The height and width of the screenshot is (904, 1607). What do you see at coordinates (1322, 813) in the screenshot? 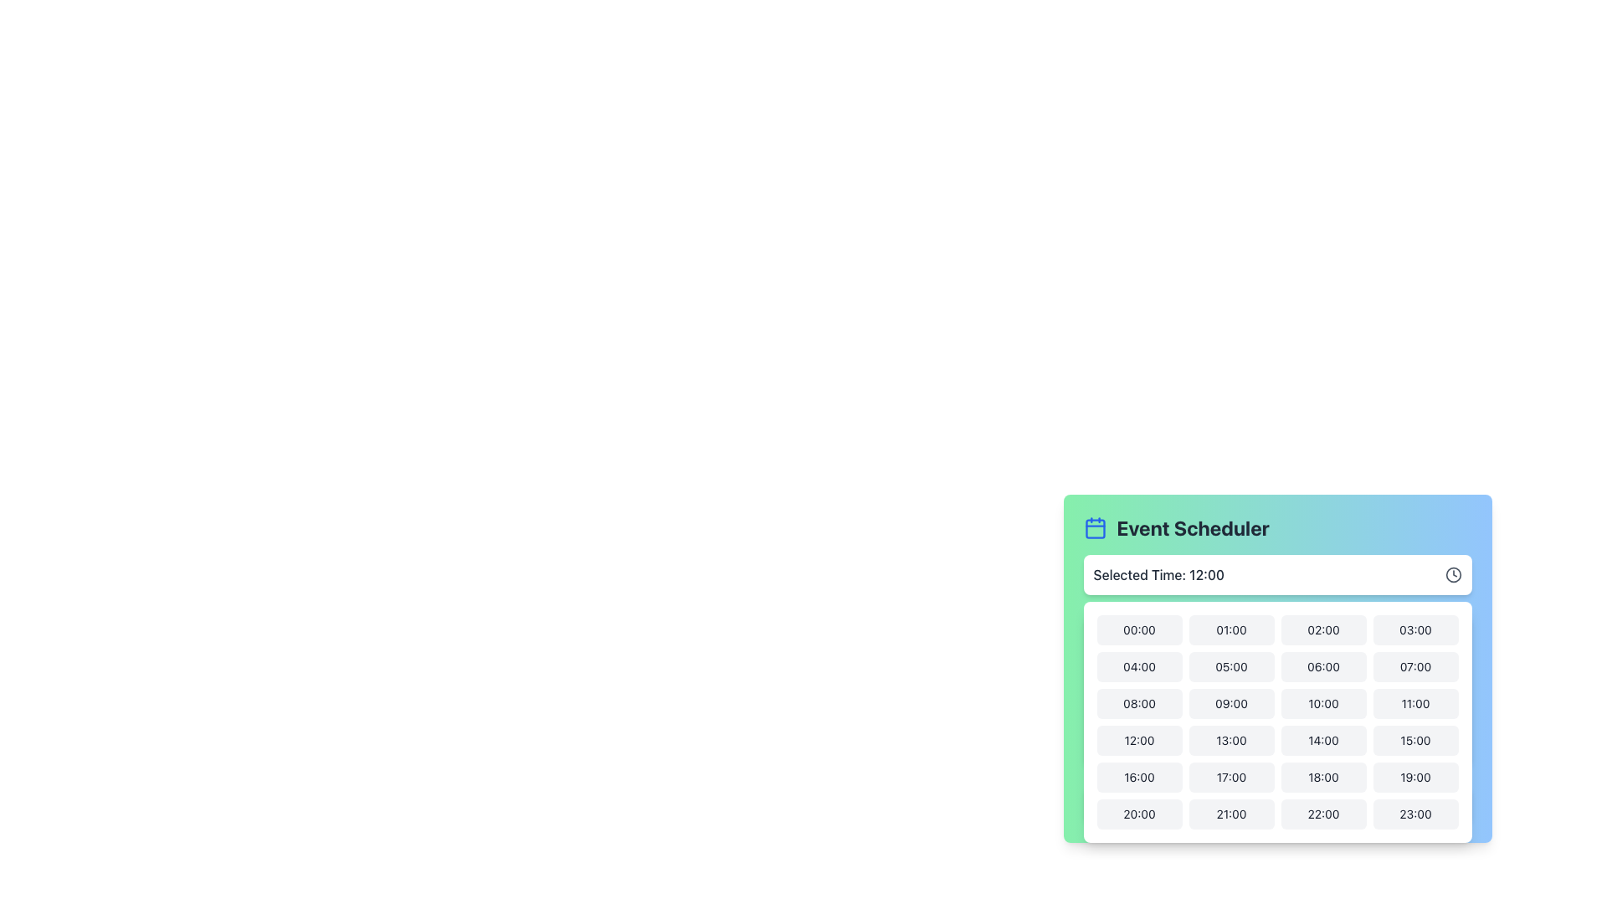
I see `the button labeled '22:00' with a light gray background and black text` at bounding box center [1322, 813].